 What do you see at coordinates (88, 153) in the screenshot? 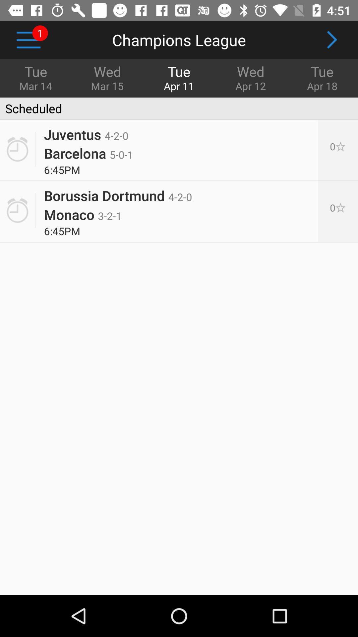
I see `icon to the left of the 0[p] icon` at bounding box center [88, 153].